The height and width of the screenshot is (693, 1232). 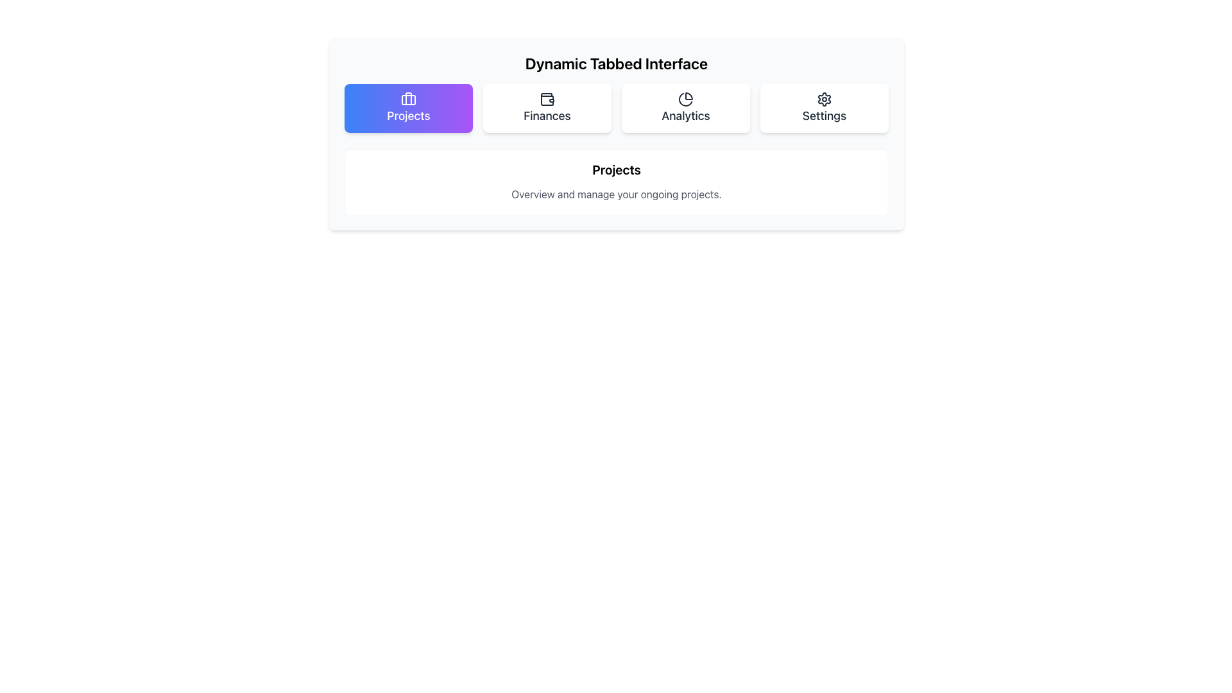 I want to click on the 'Projects' button, so click(x=408, y=108).